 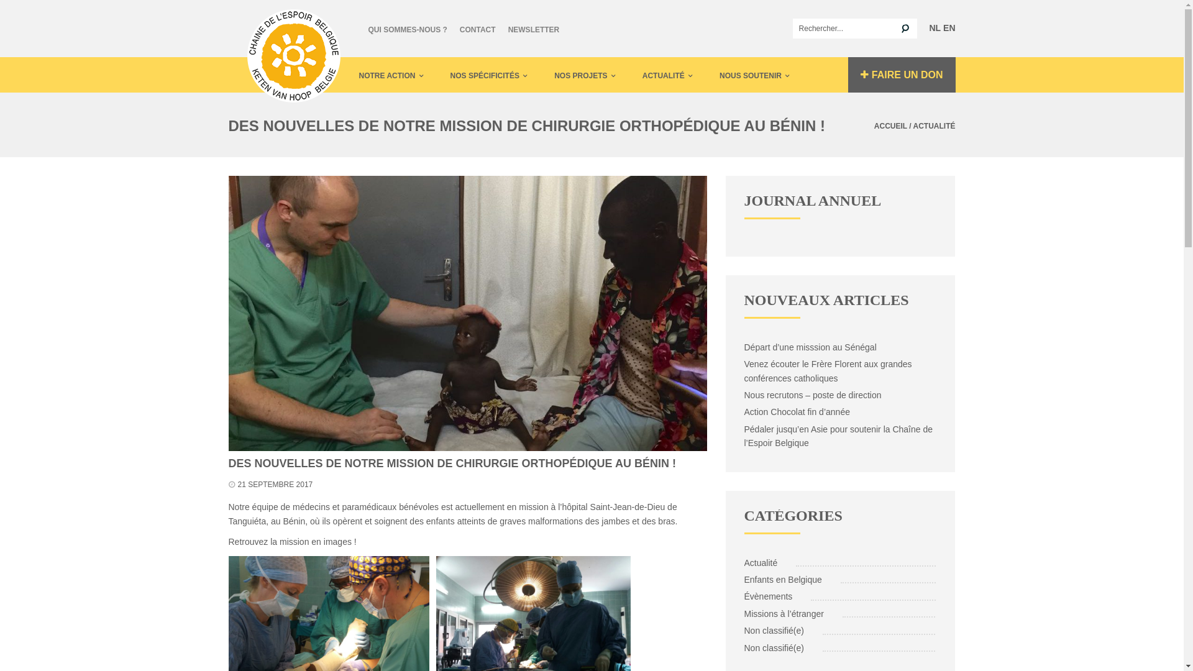 What do you see at coordinates (935, 28) in the screenshot?
I see `'NL'` at bounding box center [935, 28].